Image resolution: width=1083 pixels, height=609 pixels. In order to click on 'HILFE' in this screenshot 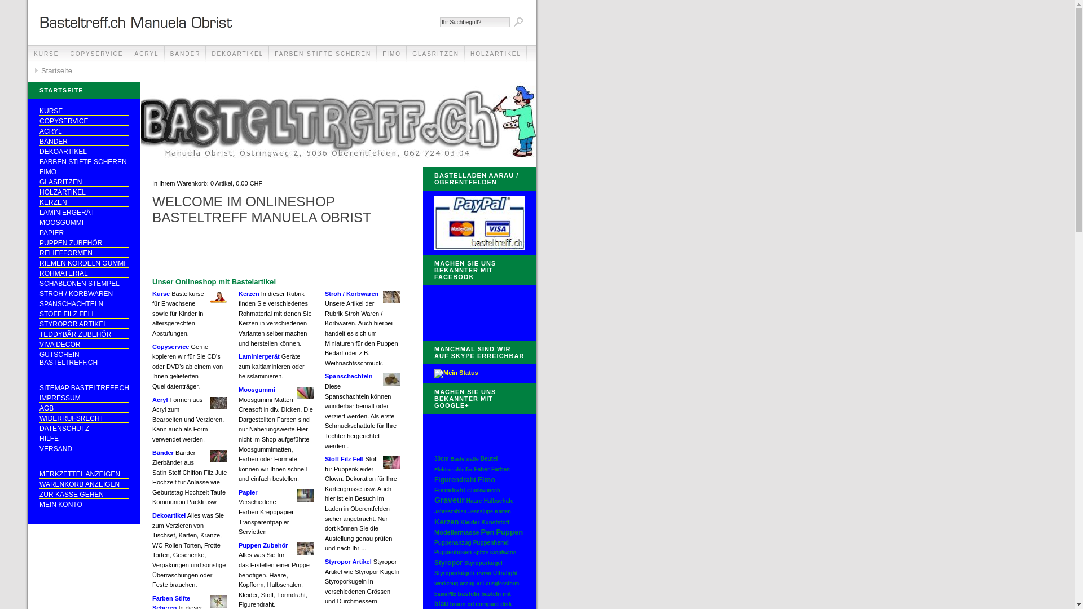, I will do `click(83, 438)`.